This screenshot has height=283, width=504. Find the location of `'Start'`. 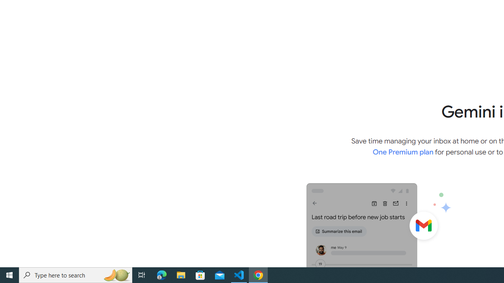

'Start' is located at coordinates (9, 274).